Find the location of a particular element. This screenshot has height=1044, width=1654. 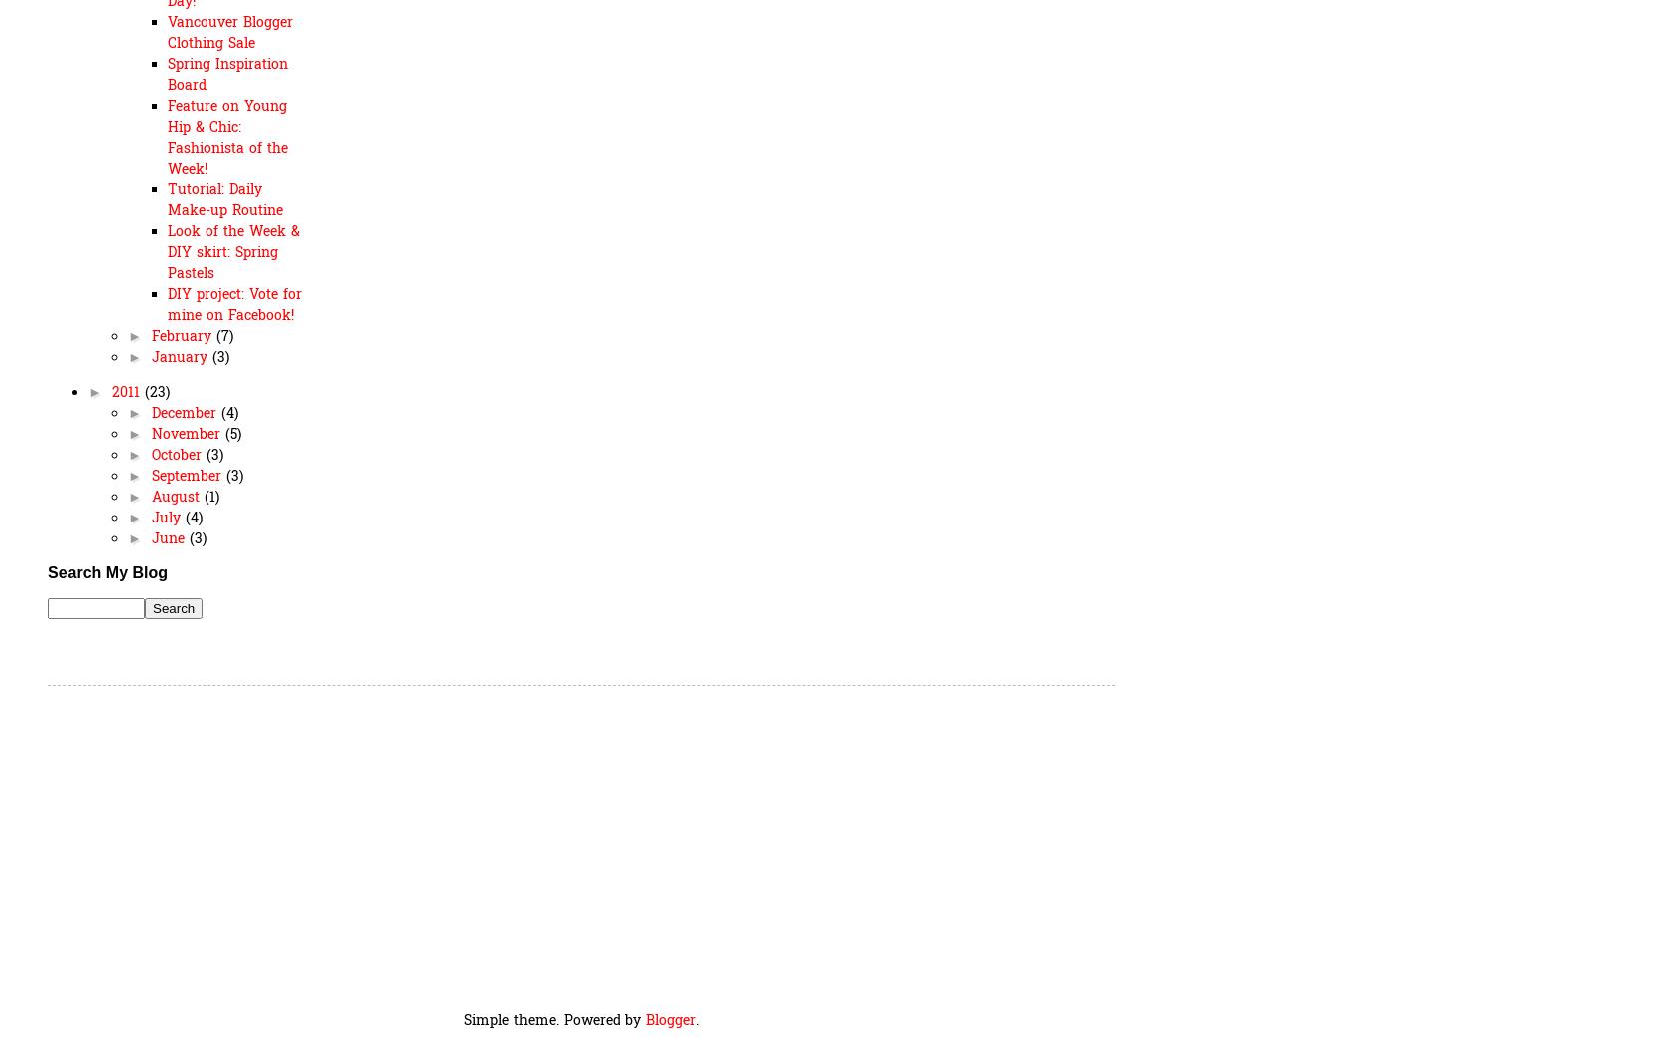

'2011' is located at coordinates (126, 391).